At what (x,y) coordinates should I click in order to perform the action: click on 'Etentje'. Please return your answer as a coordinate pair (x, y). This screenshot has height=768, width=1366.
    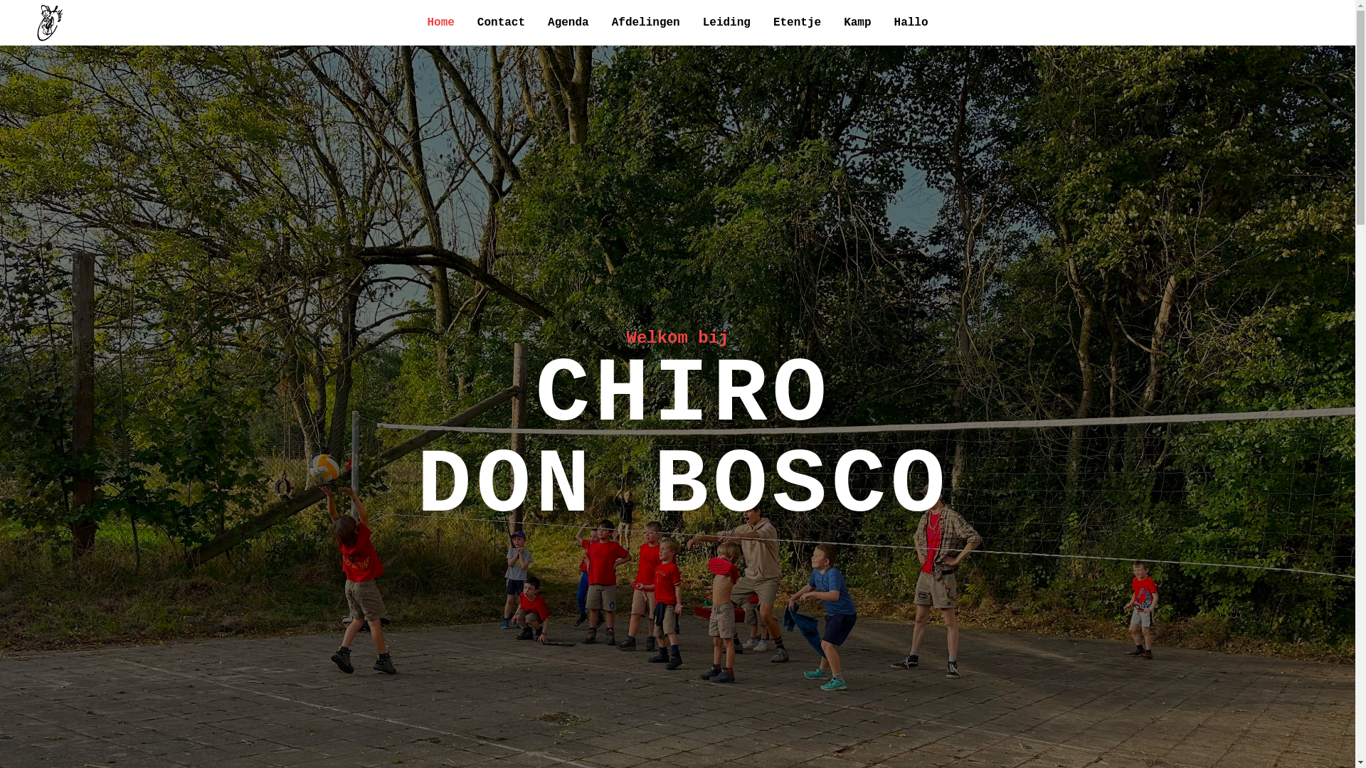
    Looking at the image, I should click on (797, 22).